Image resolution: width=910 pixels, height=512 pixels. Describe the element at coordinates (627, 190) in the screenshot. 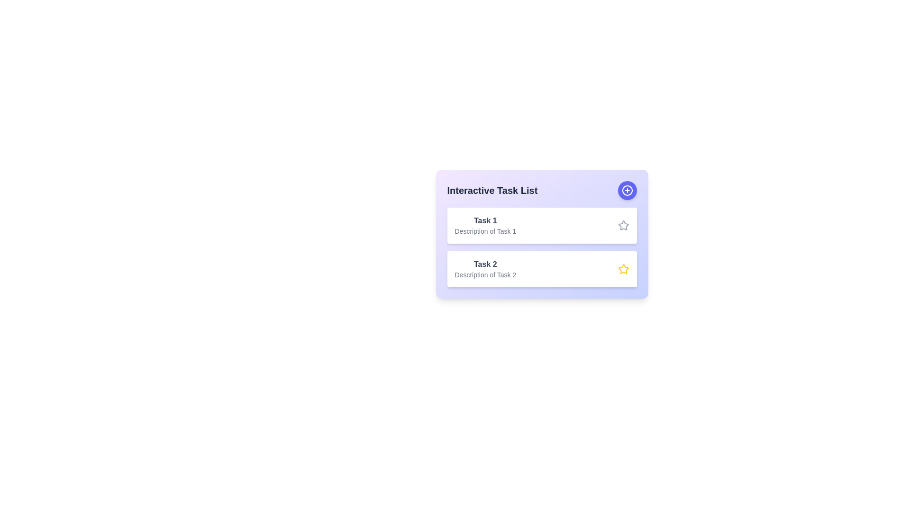

I see `the 'Add Item' button to create a new task` at that location.